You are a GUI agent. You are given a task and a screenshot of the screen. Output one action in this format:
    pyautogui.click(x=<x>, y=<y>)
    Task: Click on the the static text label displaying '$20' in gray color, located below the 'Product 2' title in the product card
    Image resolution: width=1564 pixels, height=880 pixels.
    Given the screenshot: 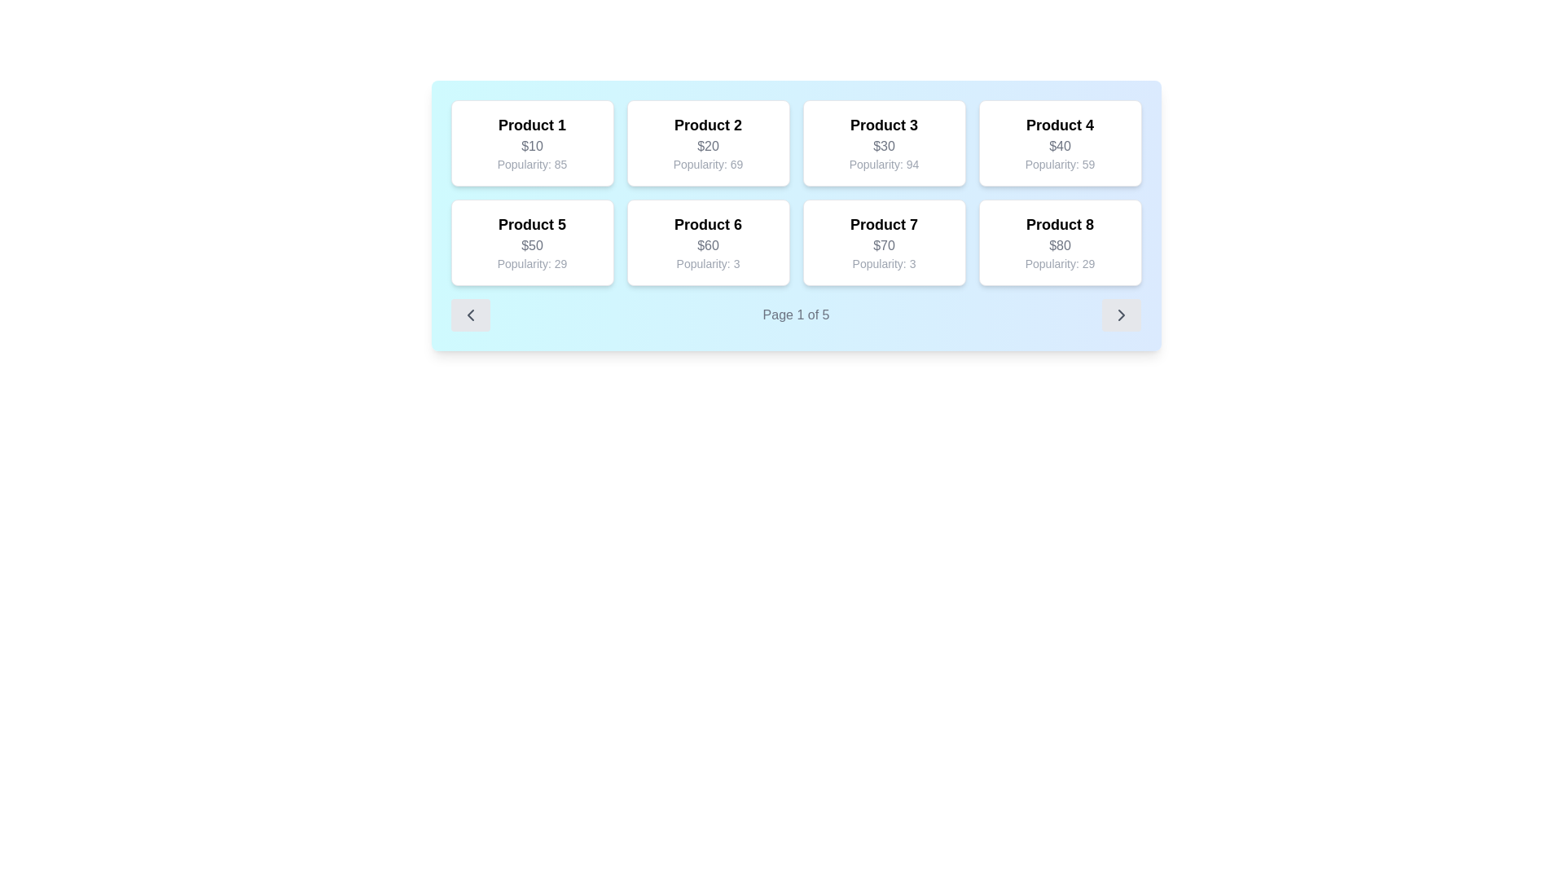 What is the action you would take?
    pyautogui.click(x=708, y=147)
    